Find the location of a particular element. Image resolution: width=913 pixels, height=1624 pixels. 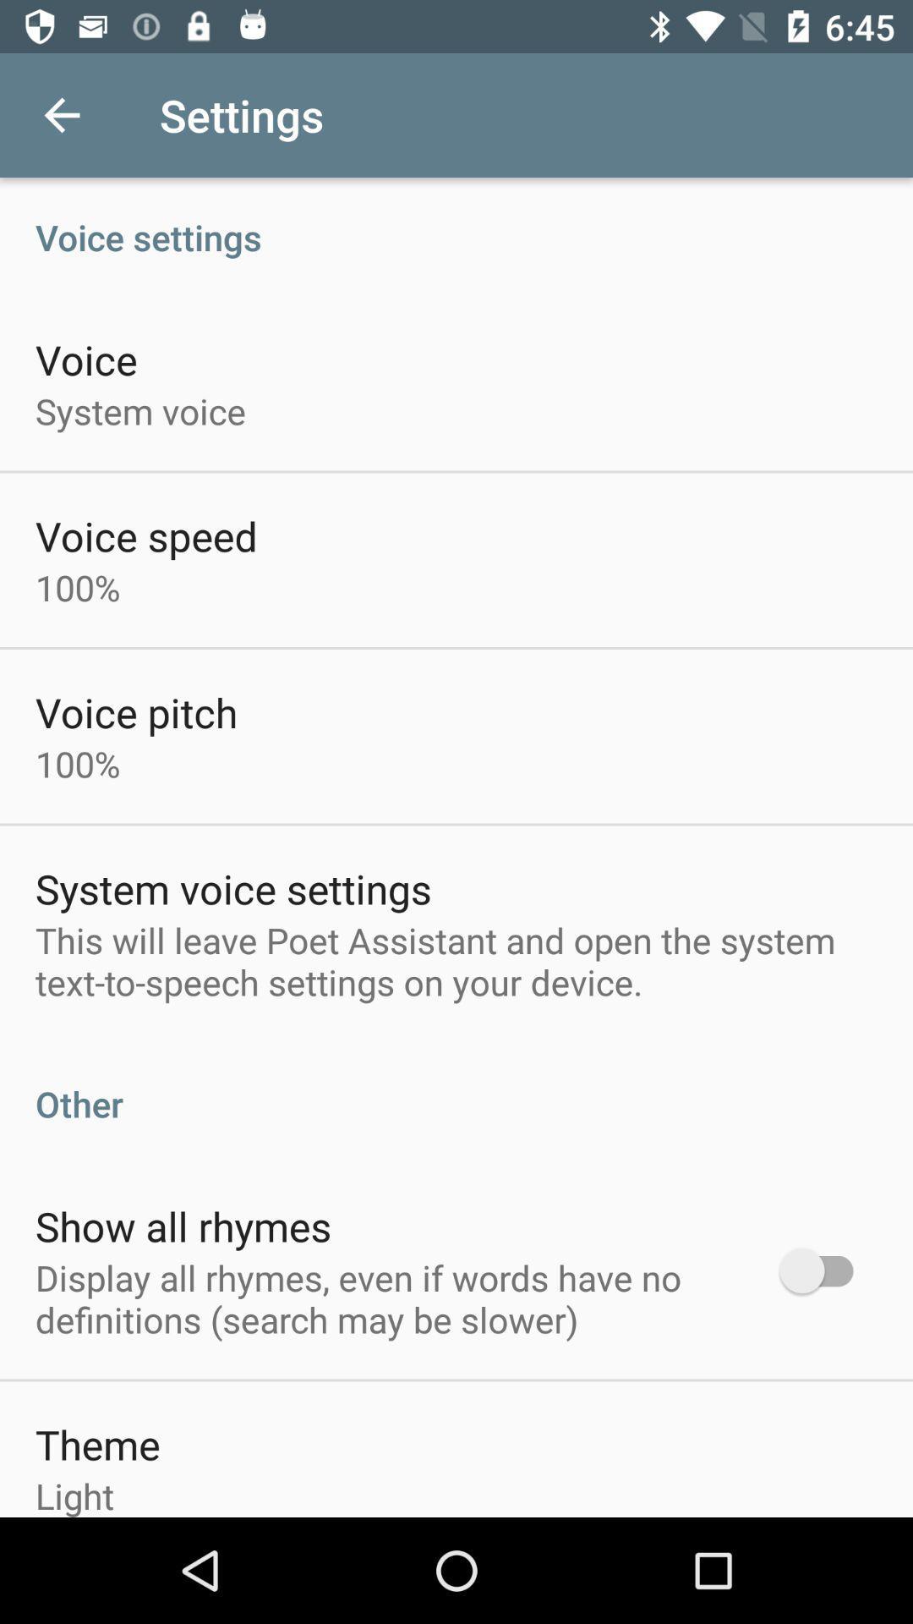

icon to the left of the settings is located at coordinates (61, 114).